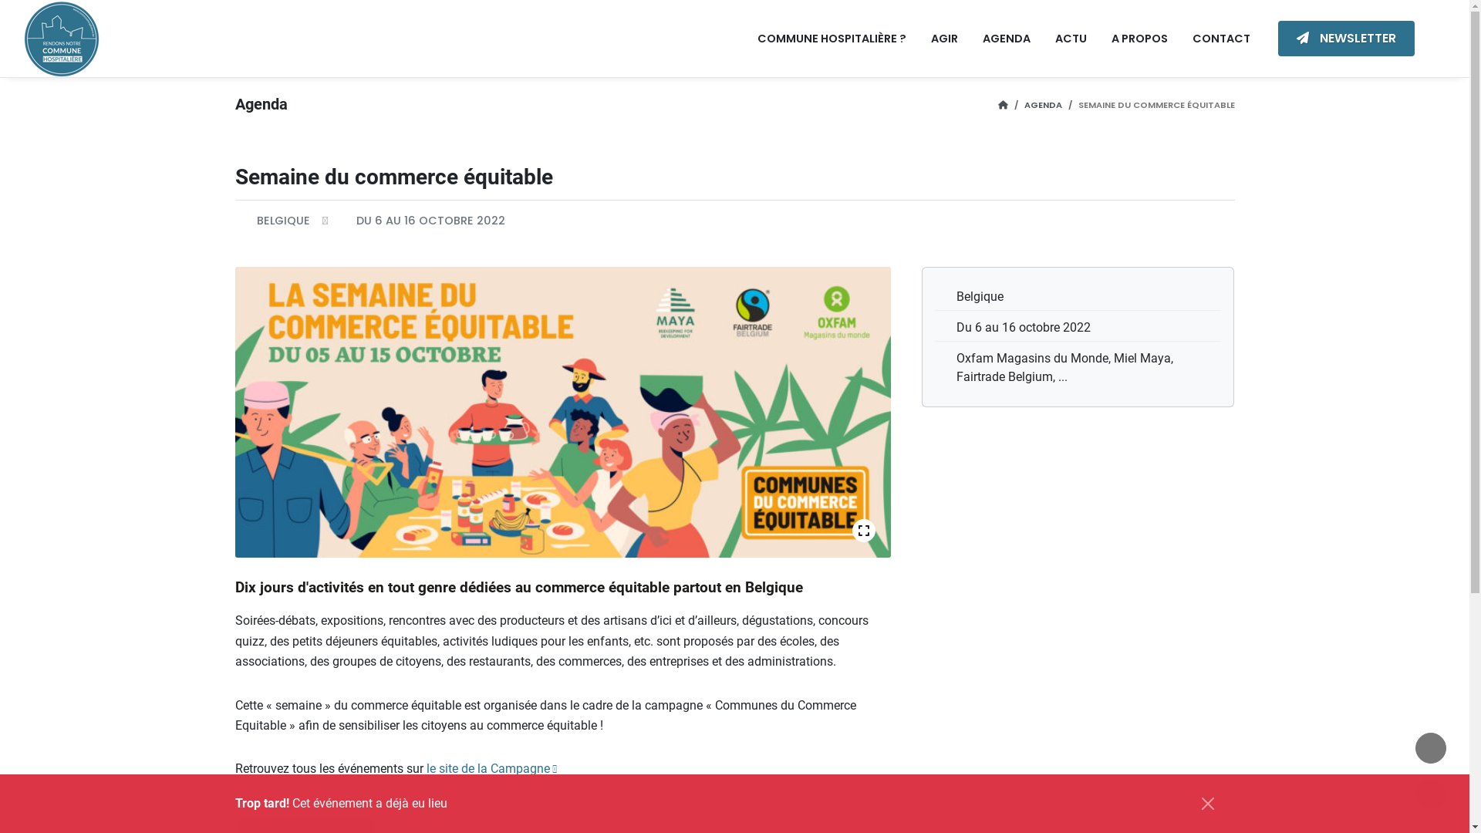  Describe the element at coordinates (998, 104) in the screenshot. I see `'Accueil'` at that location.